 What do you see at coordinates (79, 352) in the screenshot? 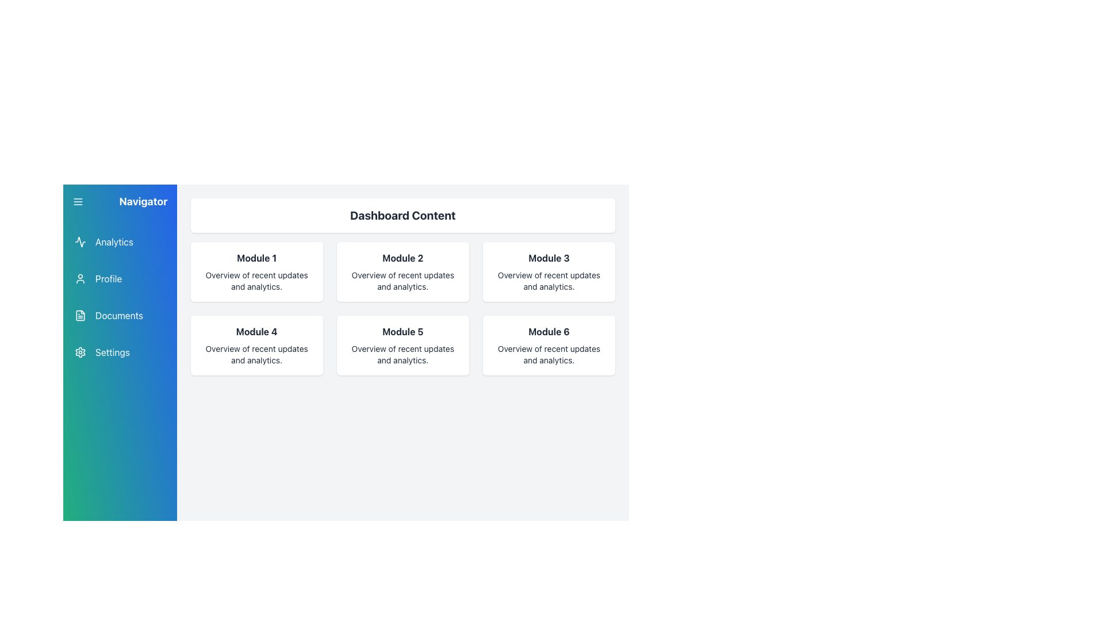
I see `the 'Settings' icon in the left sidebar navigation menu` at bounding box center [79, 352].